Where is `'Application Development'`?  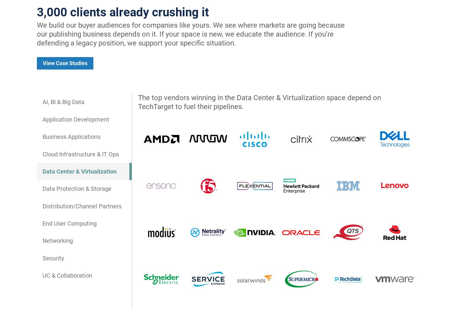 'Application Development' is located at coordinates (76, 119).